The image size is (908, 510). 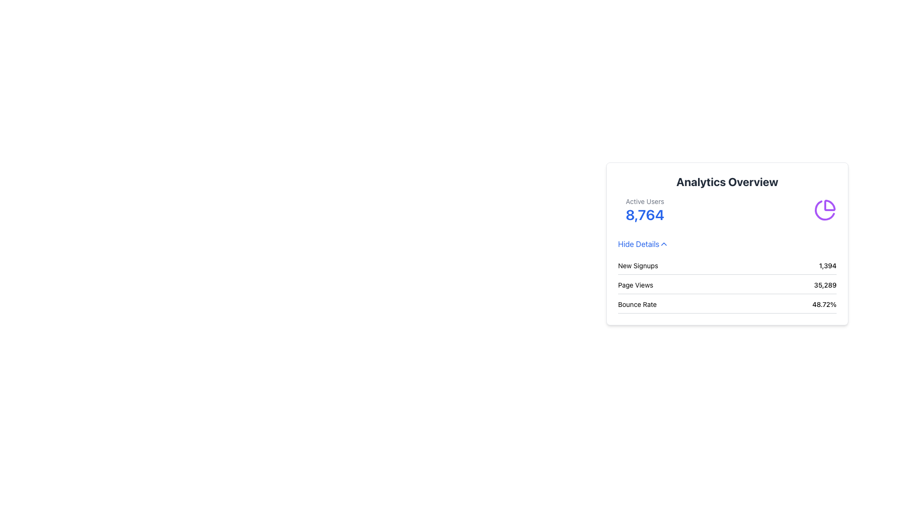 What do you see at coordinates (726, 306) in the screenshot?
I see `'Bounce Rate' statistic value displayed as '48.72%' in the Analytics Overview section, positioned below 'Page Views'` at bounding box center [726, 306].